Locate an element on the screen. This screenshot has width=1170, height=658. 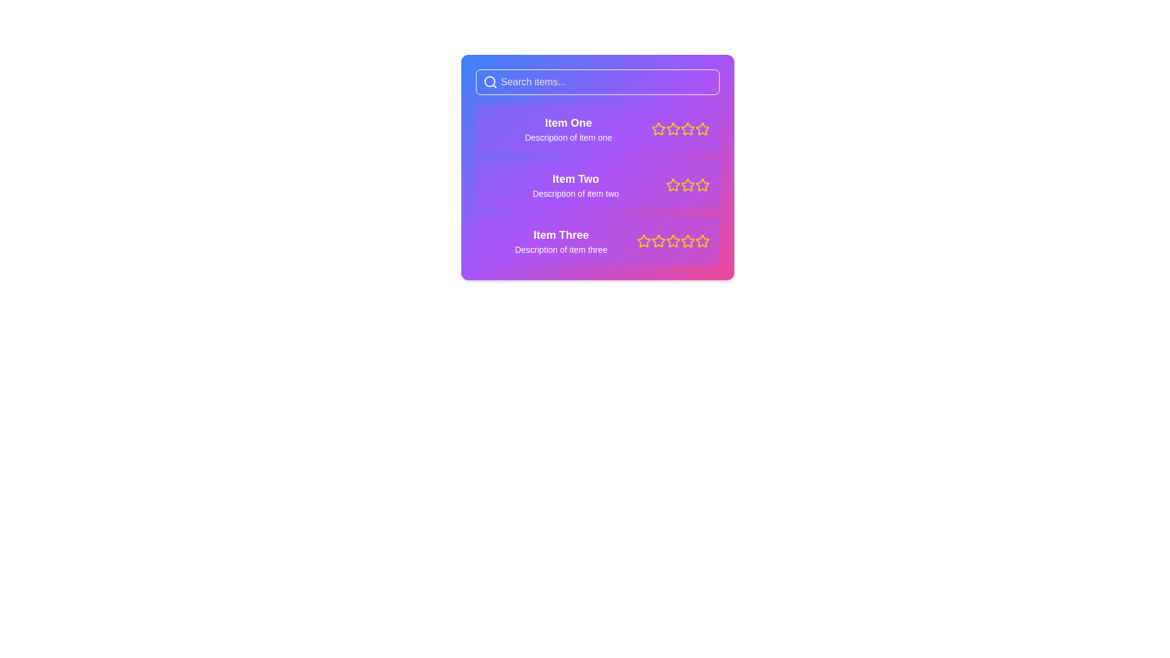
the second star icon in the horizontal sequence of five stars is located at coordinates (672, 129).